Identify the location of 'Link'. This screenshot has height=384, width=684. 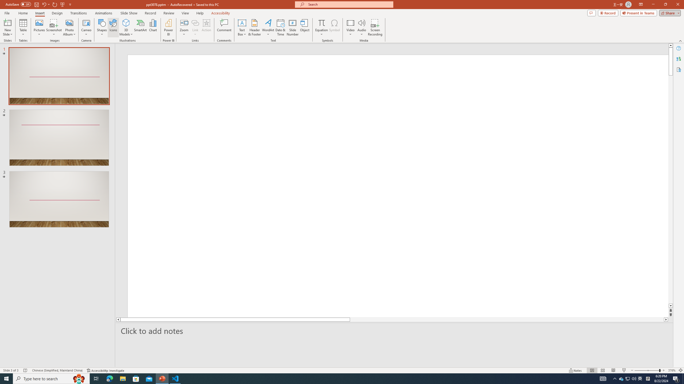
(195, 22).